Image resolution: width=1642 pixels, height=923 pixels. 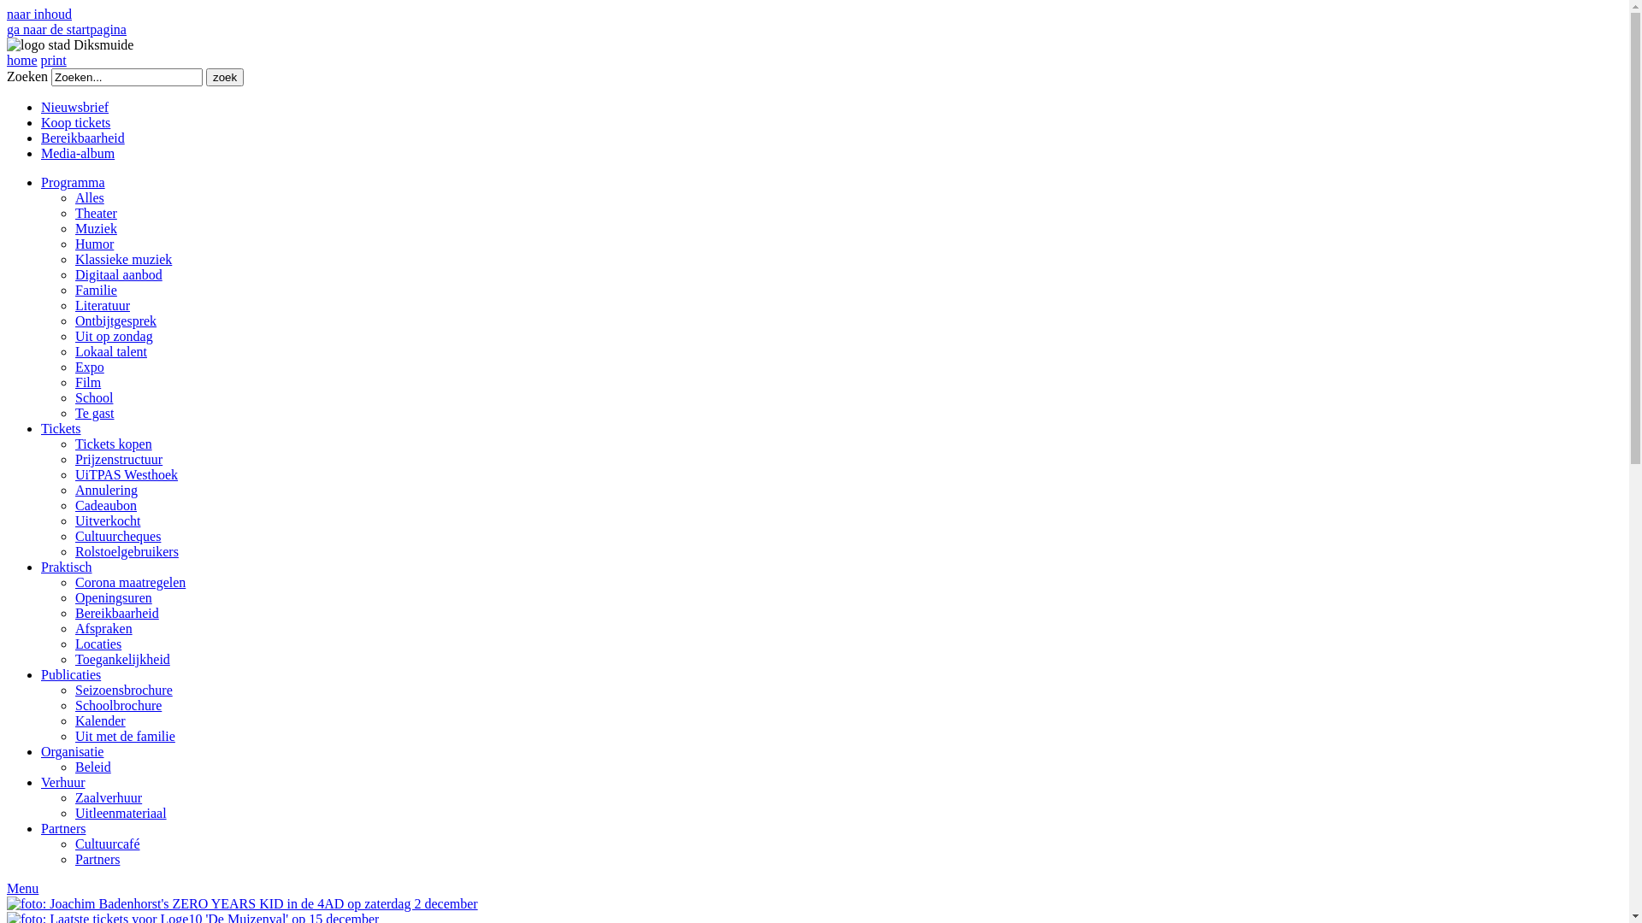 What do you see at coordinates (95, 289) in the screenshot?
I see `'Familie'` at bounding box center [95, 289].